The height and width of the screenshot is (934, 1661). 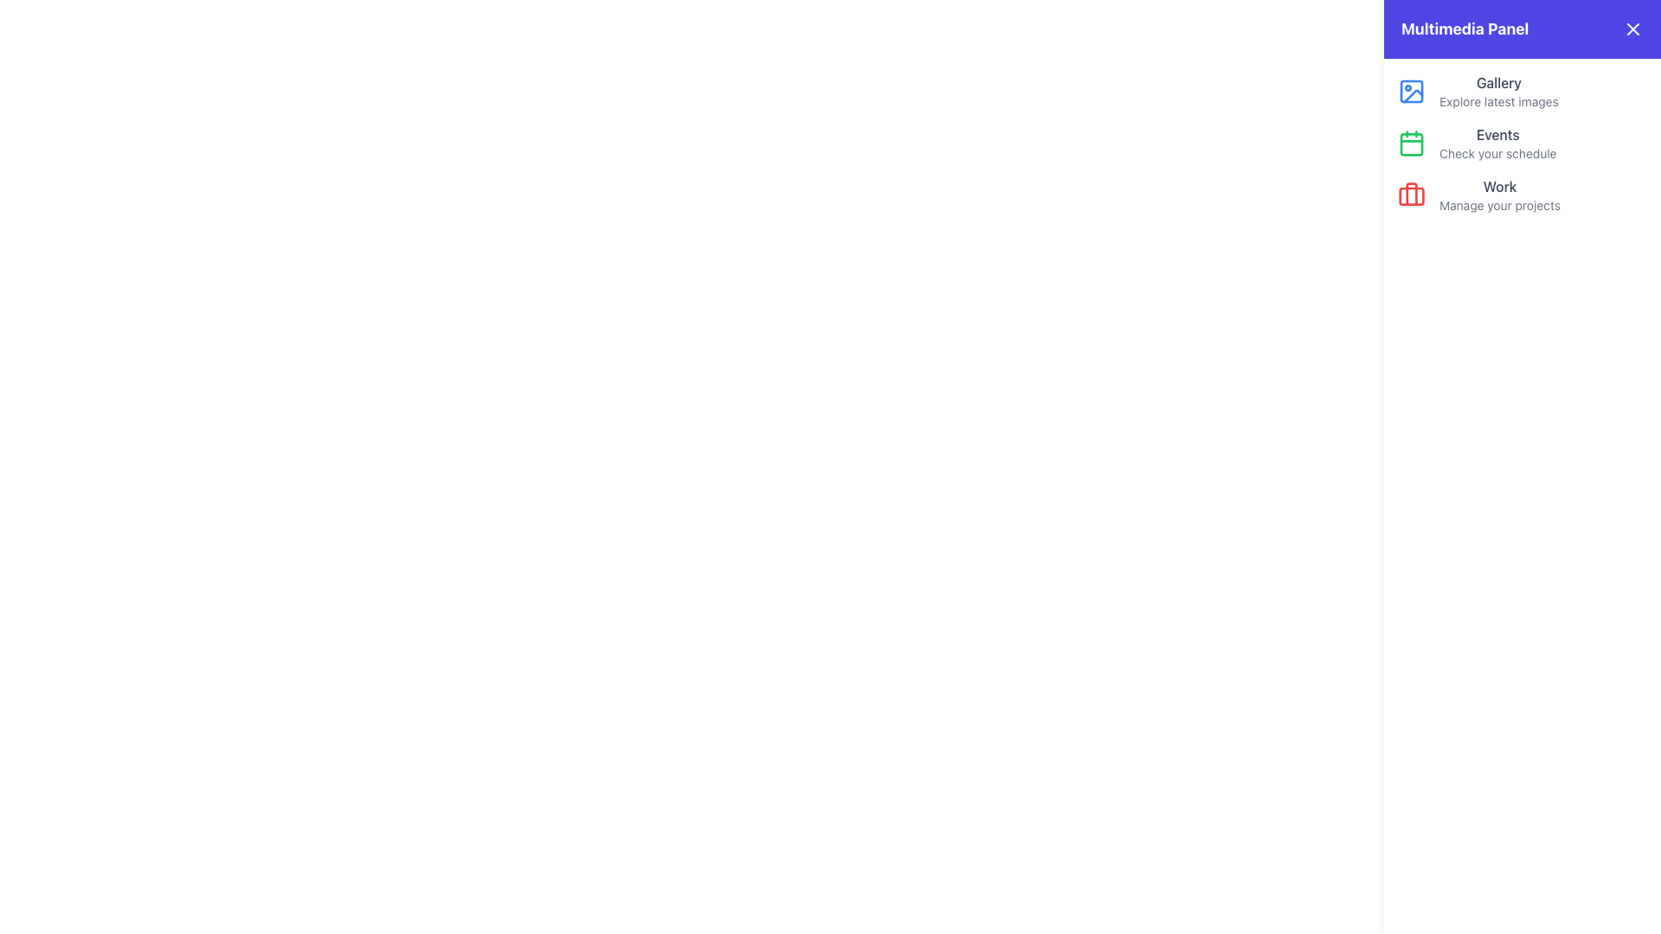 What do you see at coordinates (1412, 143) in the screenshot?
I see `the Icon Content Area of the calendar icon` at bounding box center [1412, 143].